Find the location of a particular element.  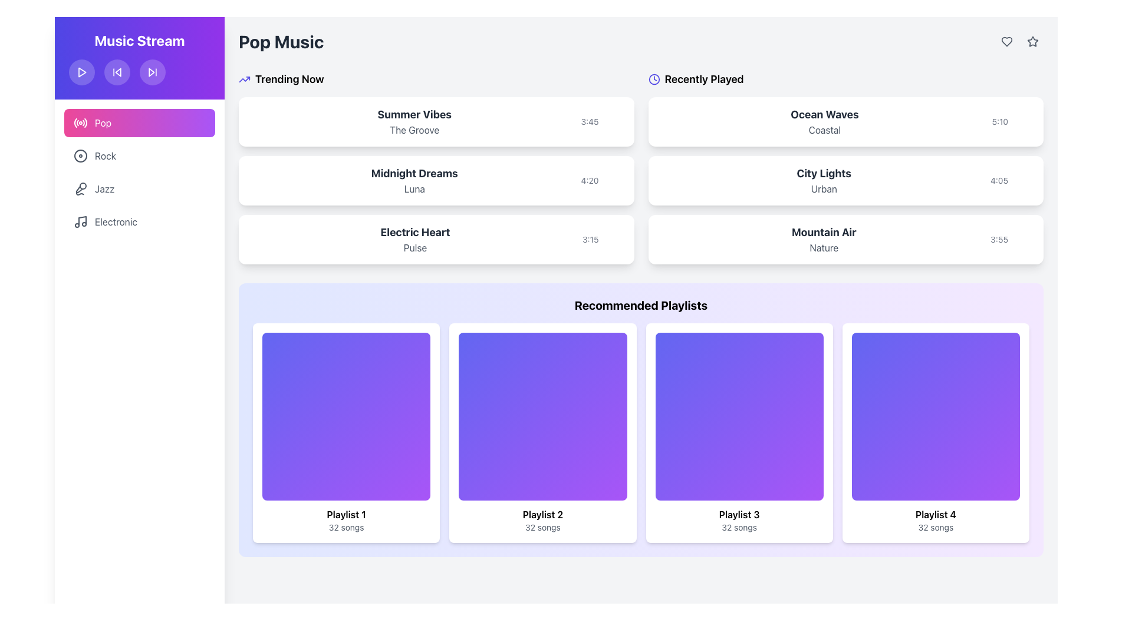

the music playlist card titled 'Playlist 2' located in the second position of the grid under 'Recommended Playlists' is located at coordinates (542, 433).